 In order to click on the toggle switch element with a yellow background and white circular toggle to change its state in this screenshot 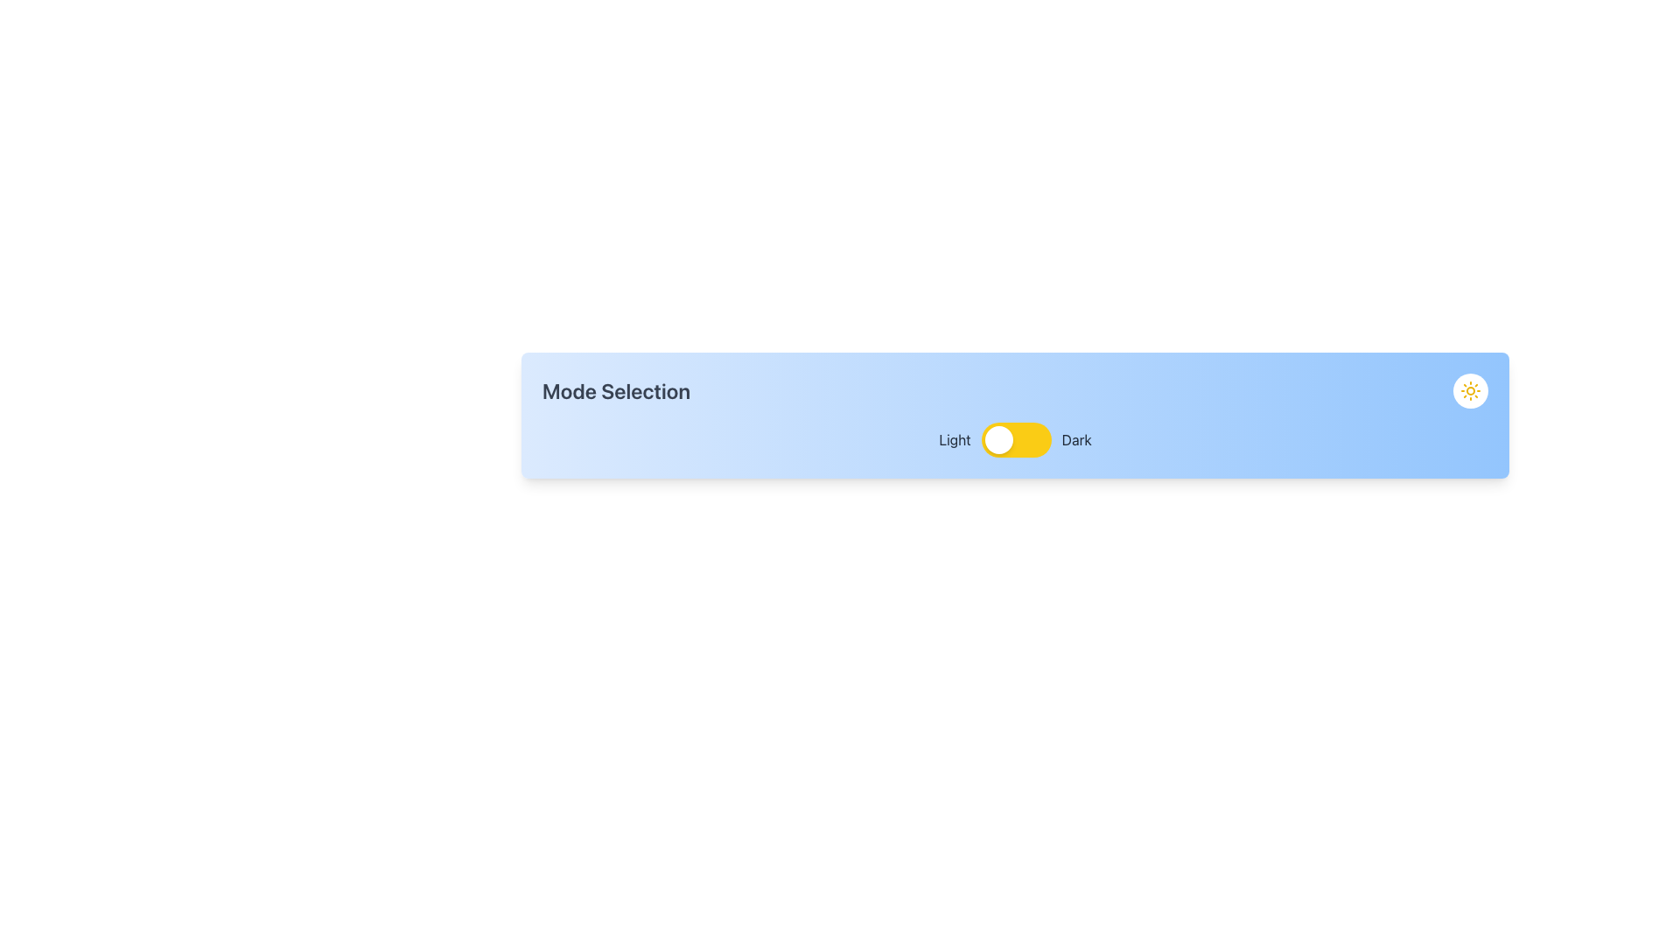, I will do `click(1016, 438)`.